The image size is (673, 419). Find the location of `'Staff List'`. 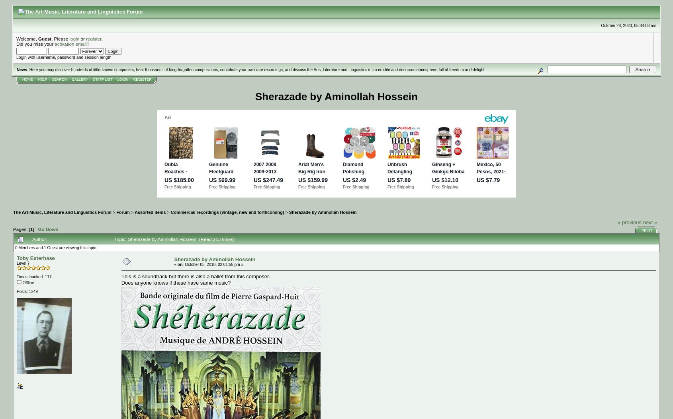

'Staff List' is located at coordinates (102, 79).